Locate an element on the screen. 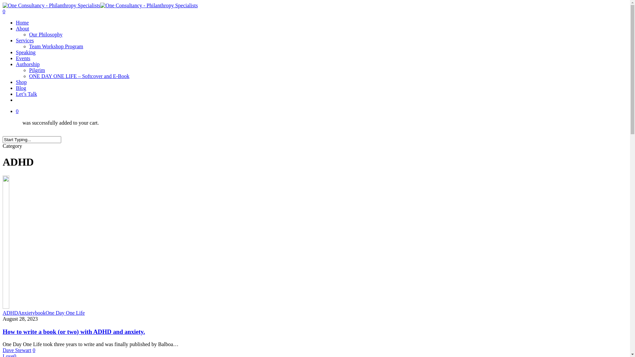 Image resolution: width=635 pixels, height=357 pixels. '0' is located at coordinates (315, 11).